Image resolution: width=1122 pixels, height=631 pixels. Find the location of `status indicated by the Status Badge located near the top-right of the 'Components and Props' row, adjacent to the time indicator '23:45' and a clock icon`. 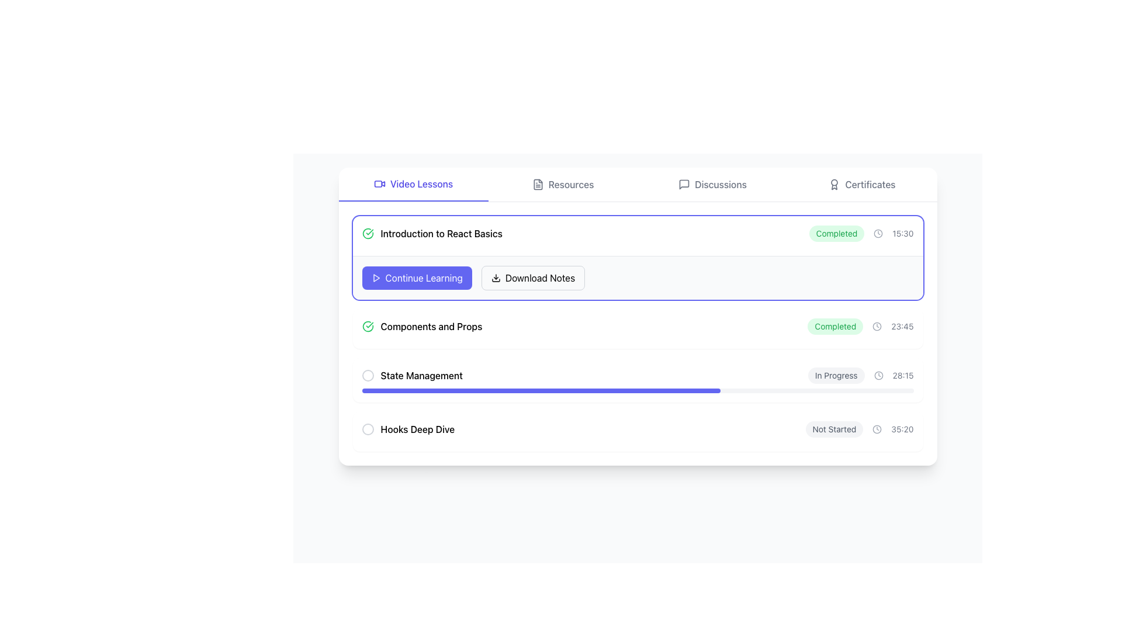

status indicated by the Status Badge located near the top-right of the 'Components and Props' row, adjacent to the time indicator '23:45' and a clock icon is located at coordinates (834, 327).